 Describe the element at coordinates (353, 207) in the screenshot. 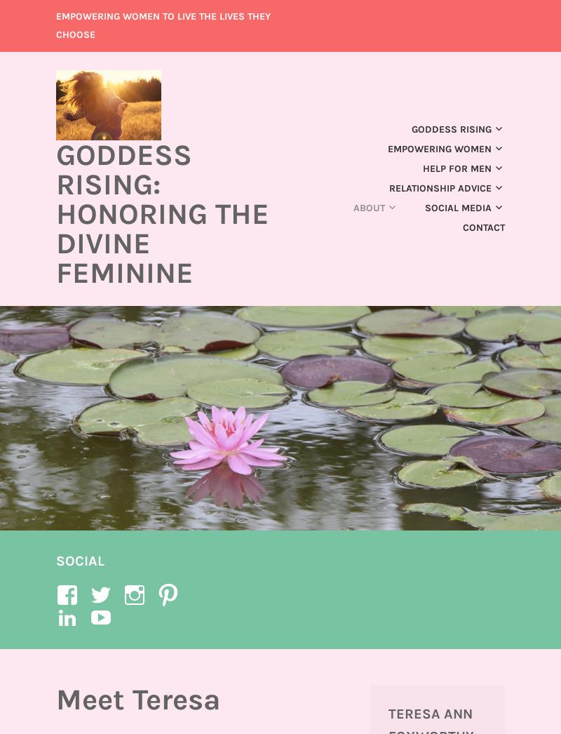

I see `'About'` at that location.